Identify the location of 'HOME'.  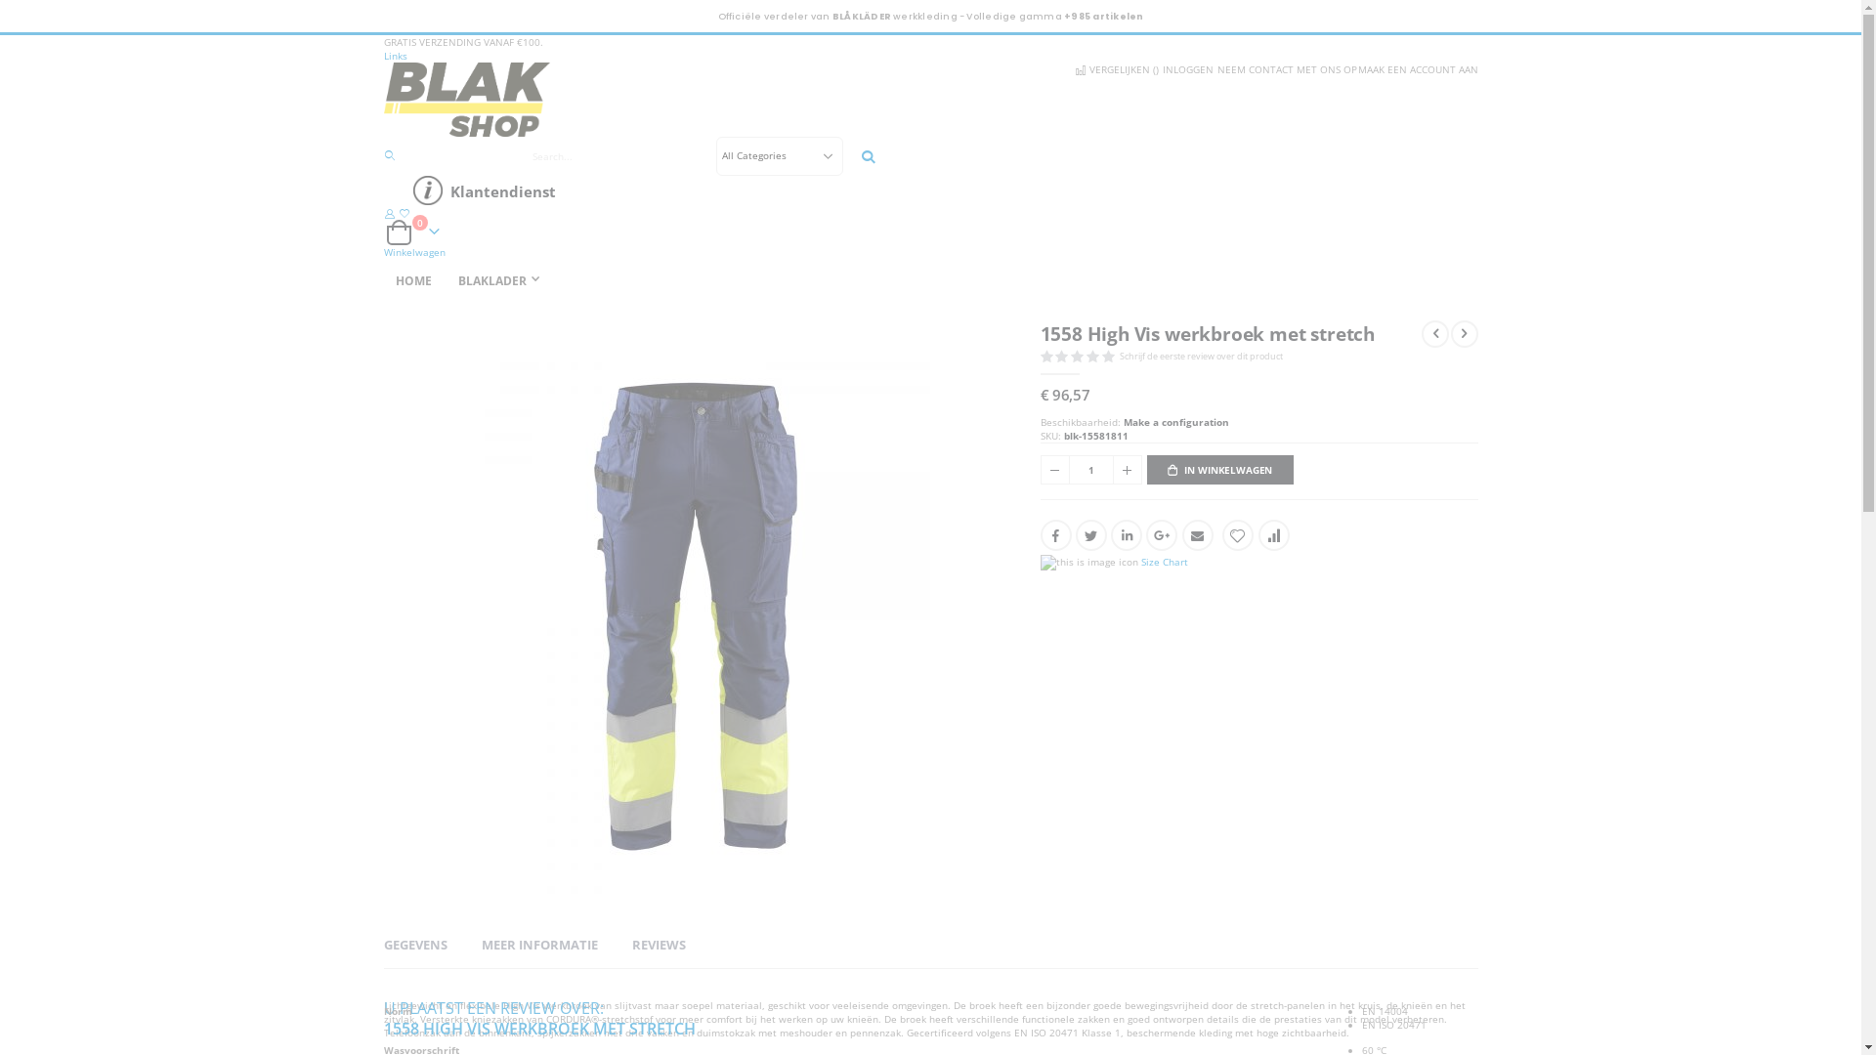
(383, 281).